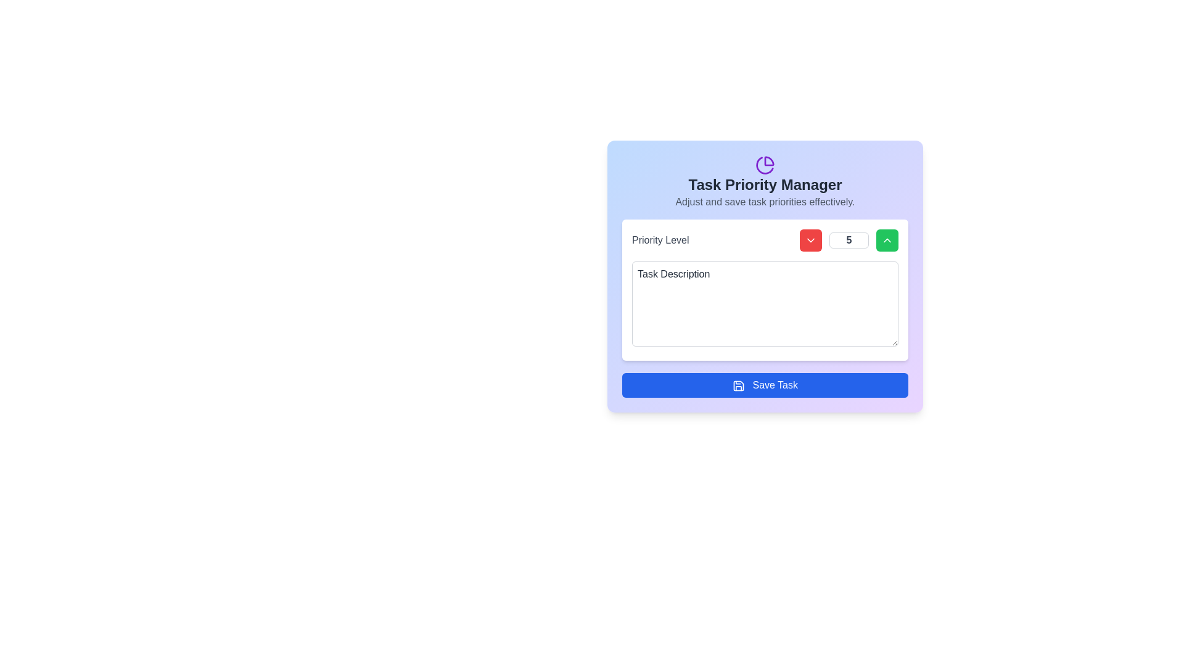 This screenshot has width=1184, height=666. I want to click on the diskette icon located to the left of the 'Save Task' label within the blue button, so click(739, 385).